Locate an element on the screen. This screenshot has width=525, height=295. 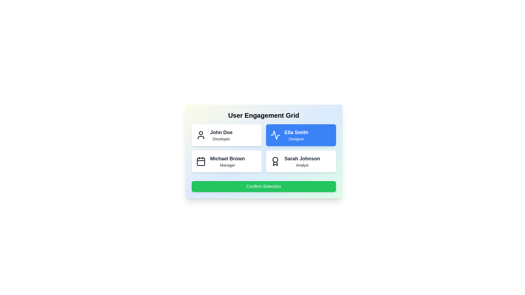
the user card of Michael Brown is located at coordinates (226, 161).